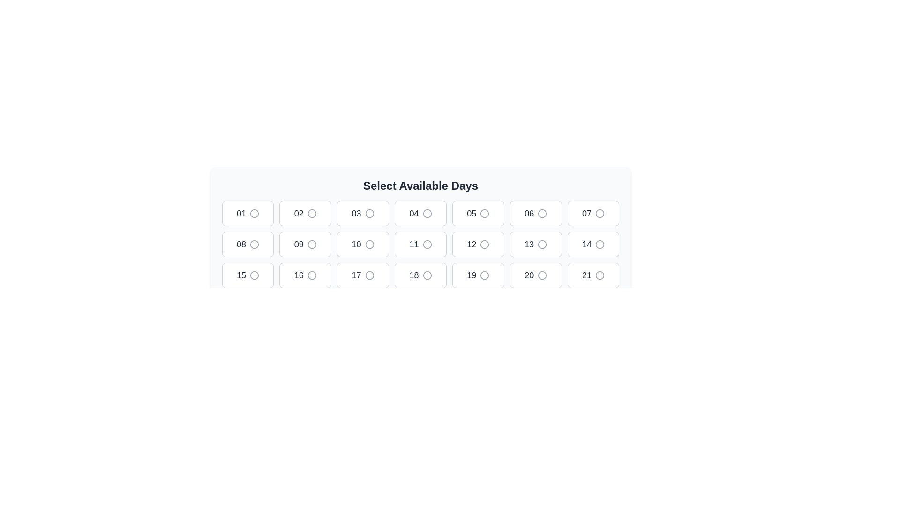 The height and width of the screenshot is (506, 900). Describe the element at coordinates (254, 275) in the screenshot. I see `the circular icon with a gray border and white fill located beside the number '15' for keyboard interaction` at that location.